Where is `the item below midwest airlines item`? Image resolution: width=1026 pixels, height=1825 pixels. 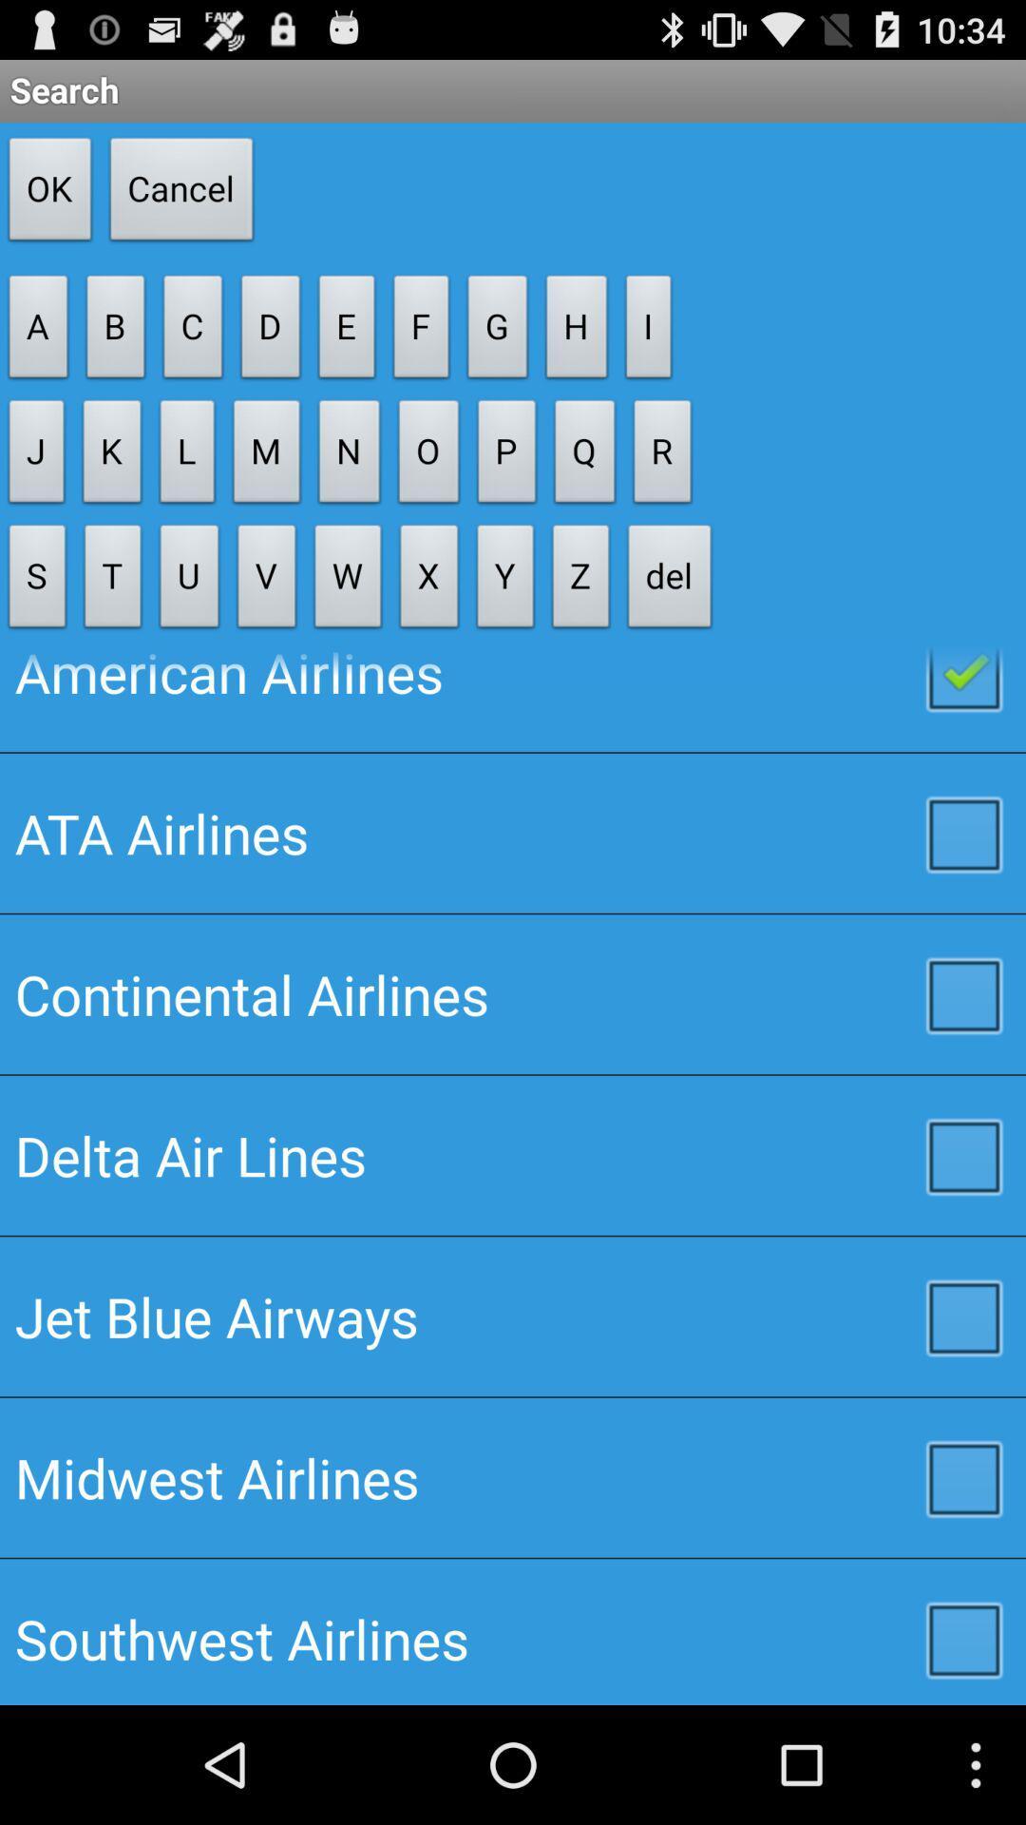 the item below midwest airlines item is located at coordinates (513, 1631).